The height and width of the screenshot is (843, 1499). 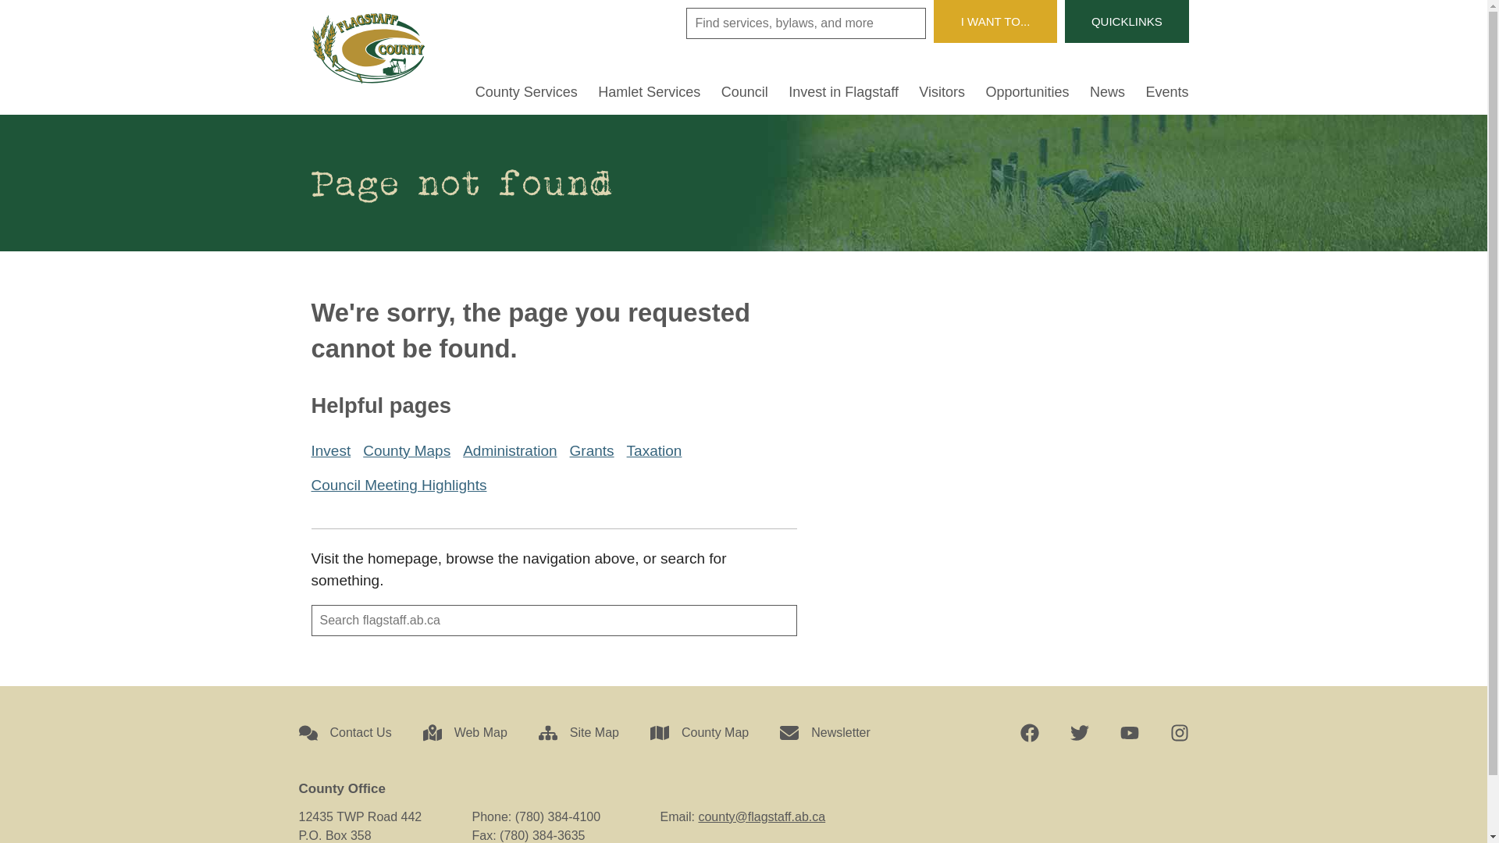 I want to click on 'Instagram', so click(x=1169, y=732).